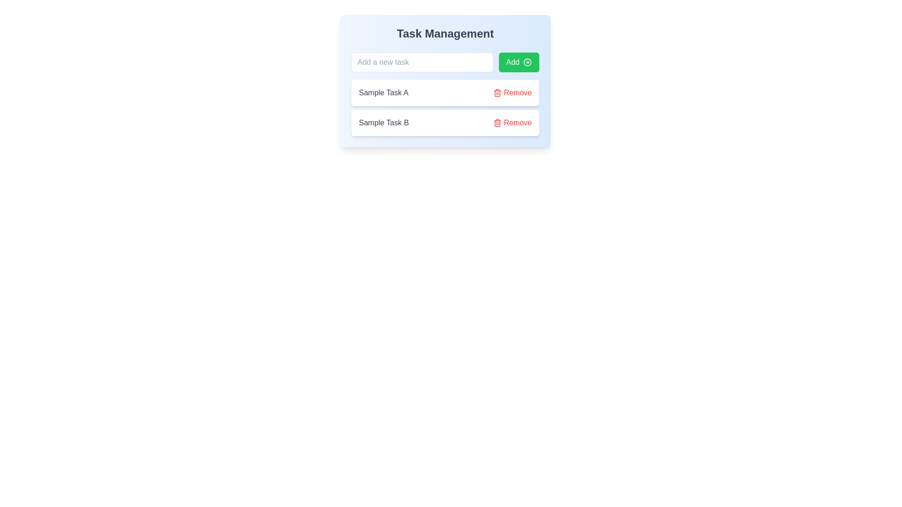 This screenshot has height=507, width=902. What do you see at coordinates (528, 62) in the screenshot?
I see `the 'Add' button by clicking the circular SVG icon (class 'lucide lucide-circle-arrow-right') which is a graphical part of the button` at bounding box center [528, 62].